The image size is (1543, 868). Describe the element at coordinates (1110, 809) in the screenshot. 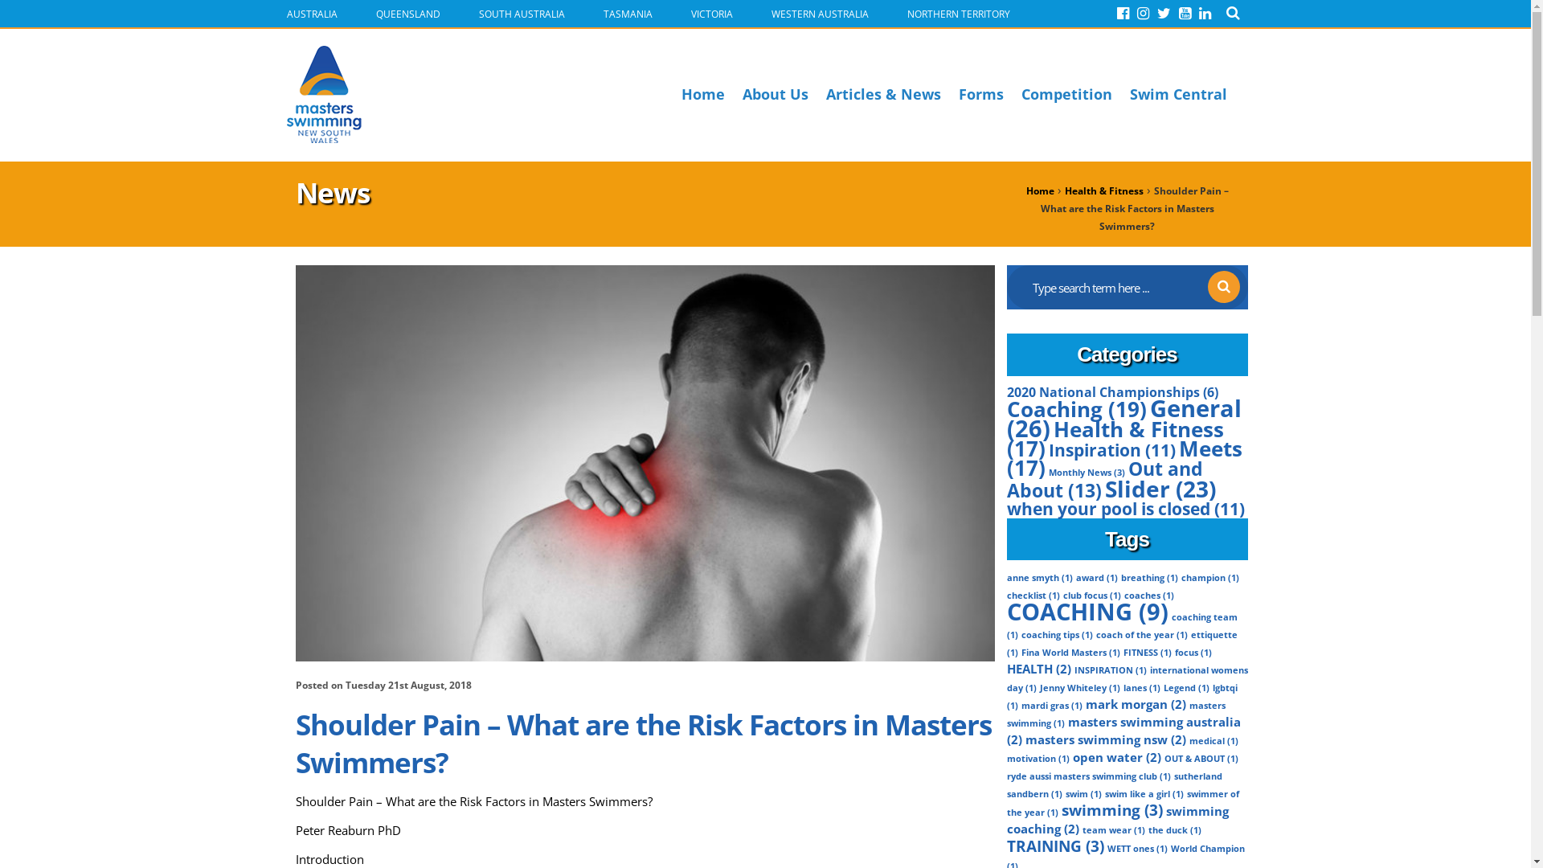

I see `'swimming (3)'` at that location.